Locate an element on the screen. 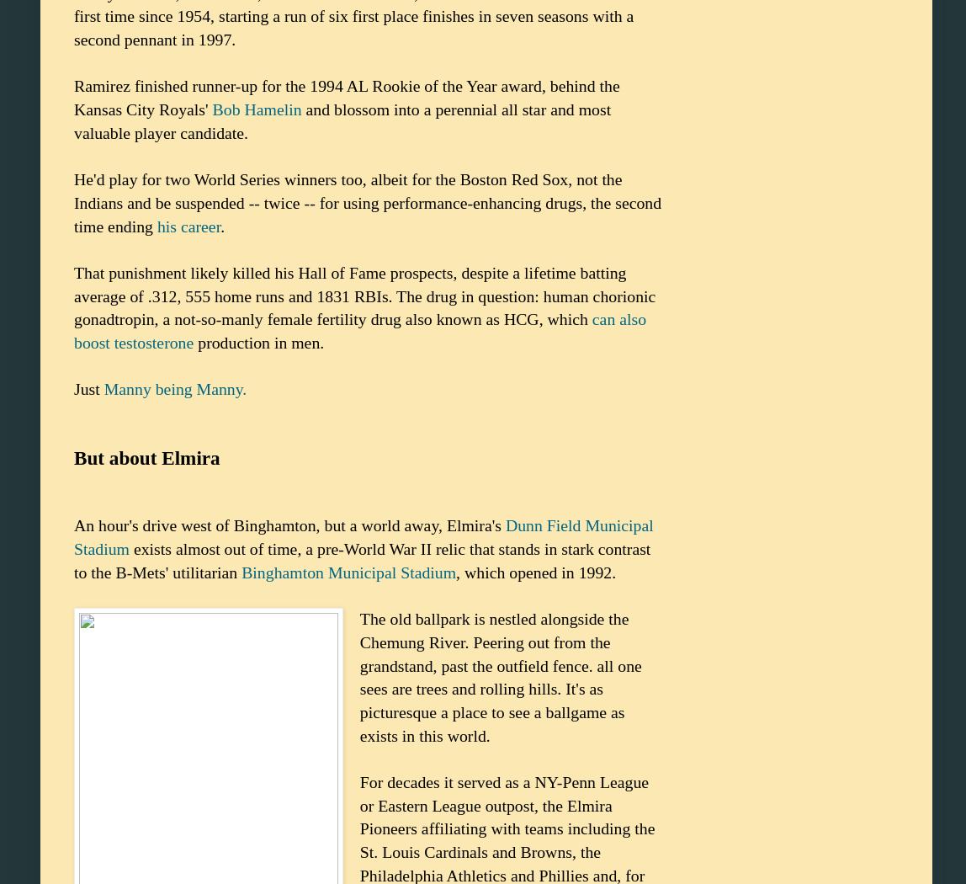 This screenshot has width=966, height=884. 'An hour's drive west of Binghamton, but a world away, Elmira's' is located at coordinates (289, 525).